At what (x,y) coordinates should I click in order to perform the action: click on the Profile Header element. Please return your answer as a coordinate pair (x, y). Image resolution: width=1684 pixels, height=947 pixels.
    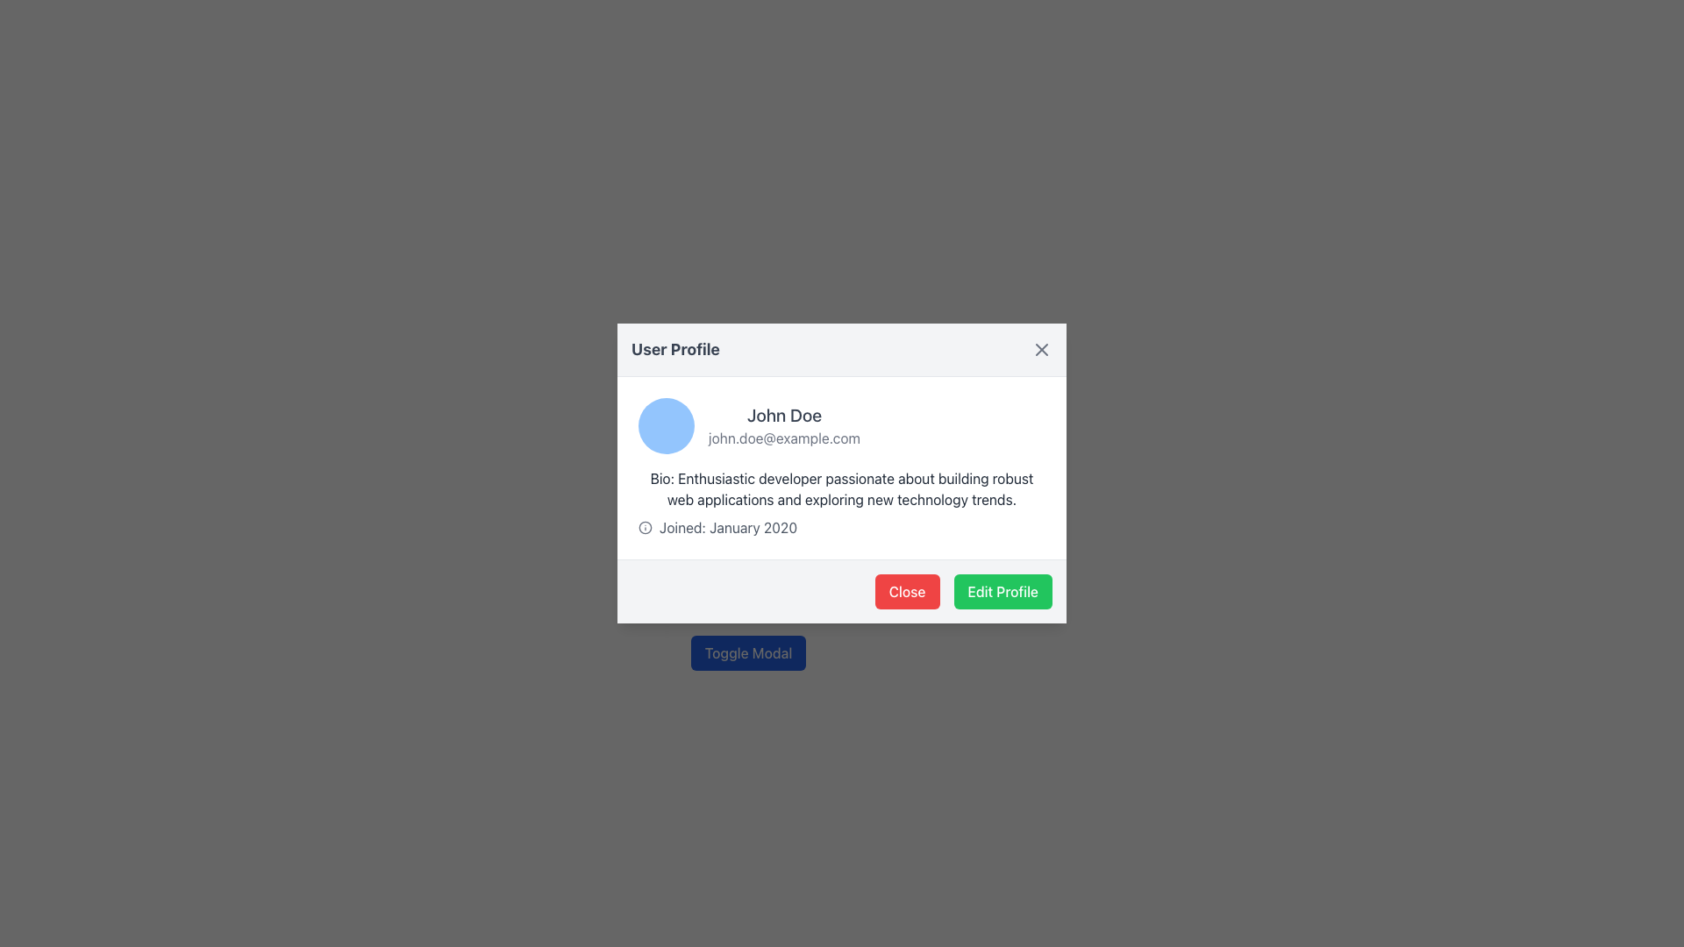
    Looking at the image, I should click on (842, 426).